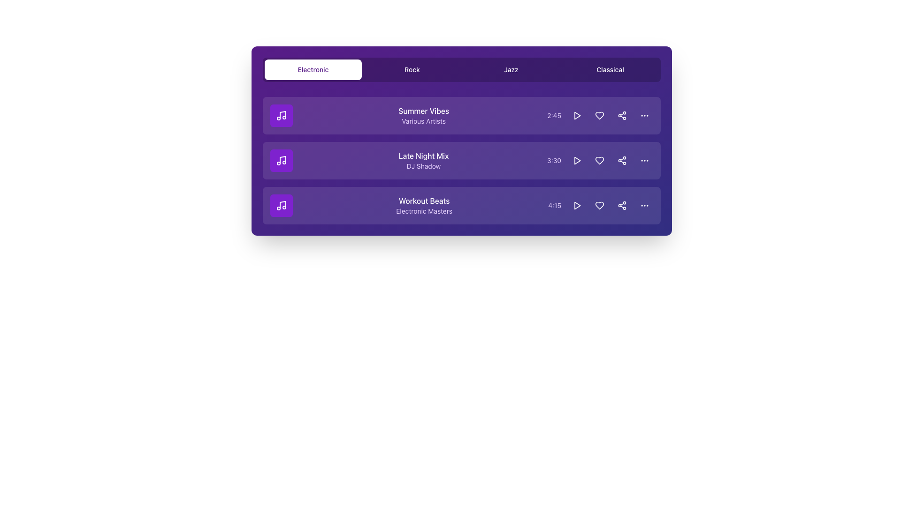 This screenshot has width=901, height=506. What do you see at coordinates (610, 69) in the screenshot?
I see `the 'Classical' button, which is the fourth button in a horizontal row of four buttons with a purple background and white text, to trigger the hover effect` at bounding box center [610, 69].